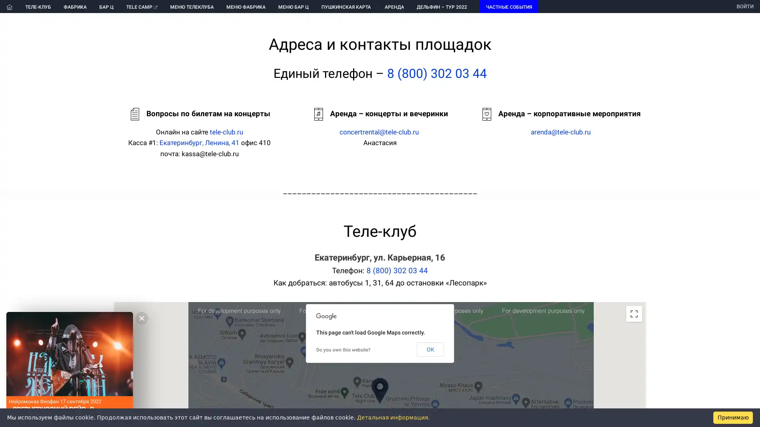 The height and width of the screenshot is (427, 760). What do you see at coordinates (429, 349) in the screenshot?
I see `OK` at bounding box center [429, 349].